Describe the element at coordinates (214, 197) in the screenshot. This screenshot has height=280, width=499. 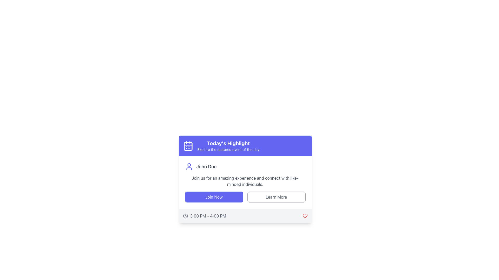
I see `the rectangular 'Join Now' button with an indigo background and white text to observe the hover effect` at that location.